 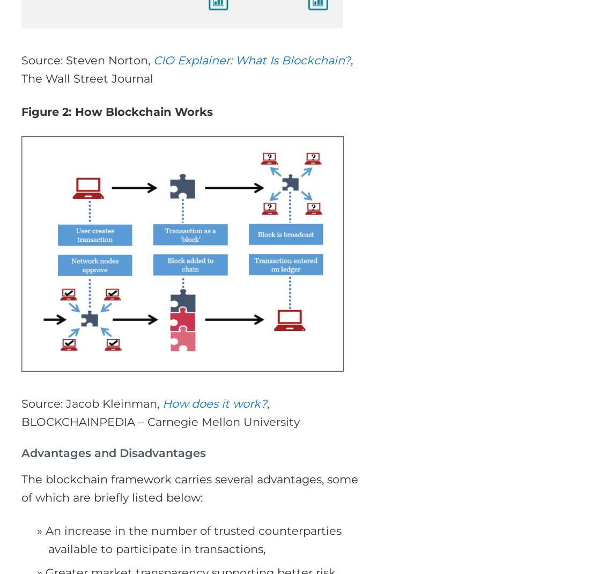 What do you see at coordinates (45, 540) in the screenshot?
I see `'An increase in the number of trusted counterparties available to participate in transactions,'` at bounding box center [45, 540].